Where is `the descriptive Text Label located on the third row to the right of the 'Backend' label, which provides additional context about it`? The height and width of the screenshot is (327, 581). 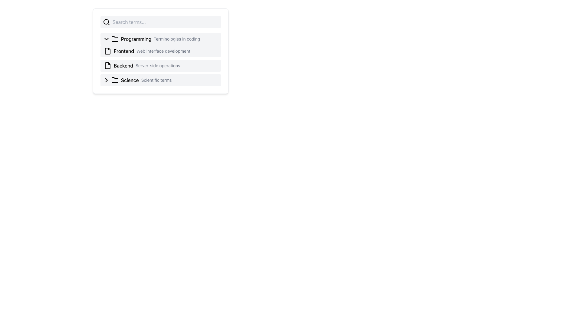 the descriptive Text Label located on the third row to the right of the 'Backend' label, which provides additional context about it is located at coordinates (158, 65).